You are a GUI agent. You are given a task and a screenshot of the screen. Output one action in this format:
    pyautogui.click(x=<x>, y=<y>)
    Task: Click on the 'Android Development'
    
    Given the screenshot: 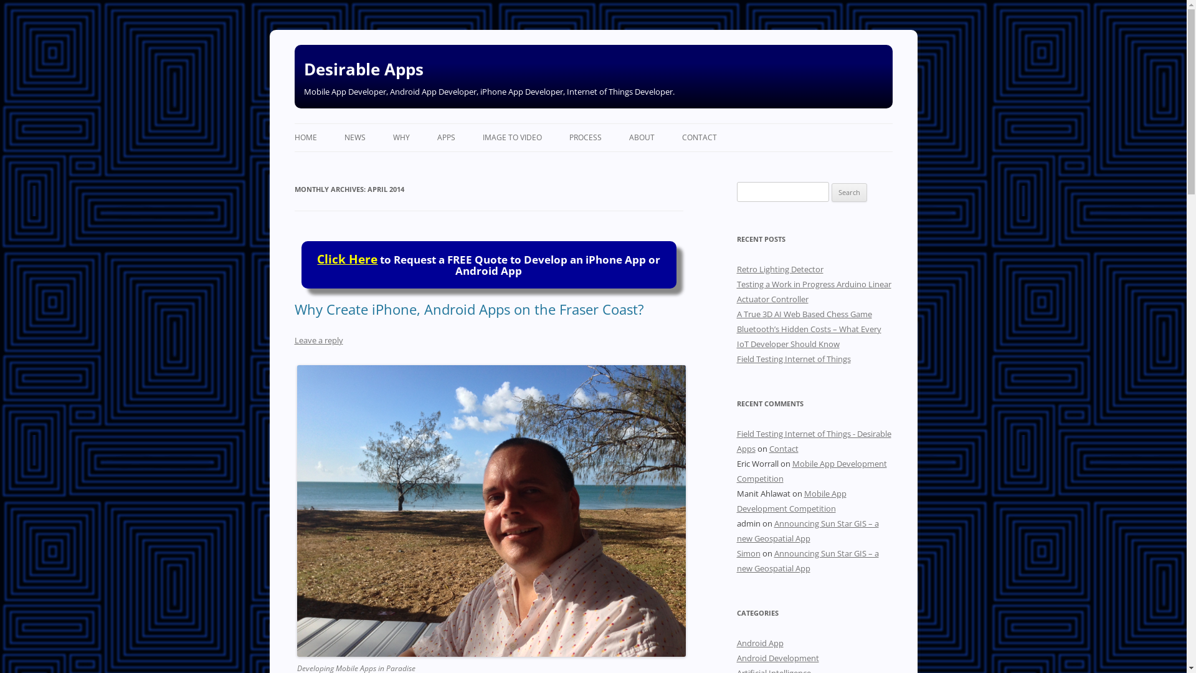 What is the action you would take?
    pyautogui.click(x=777, y=657)
    